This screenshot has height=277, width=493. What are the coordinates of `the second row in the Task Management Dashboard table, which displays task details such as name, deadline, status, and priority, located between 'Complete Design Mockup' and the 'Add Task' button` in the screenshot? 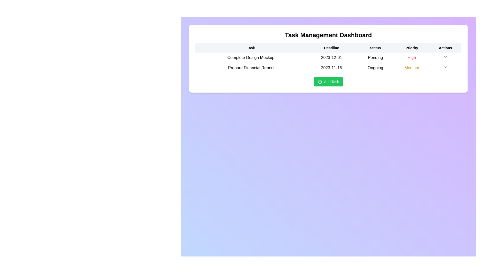 It's located at (328, 68).